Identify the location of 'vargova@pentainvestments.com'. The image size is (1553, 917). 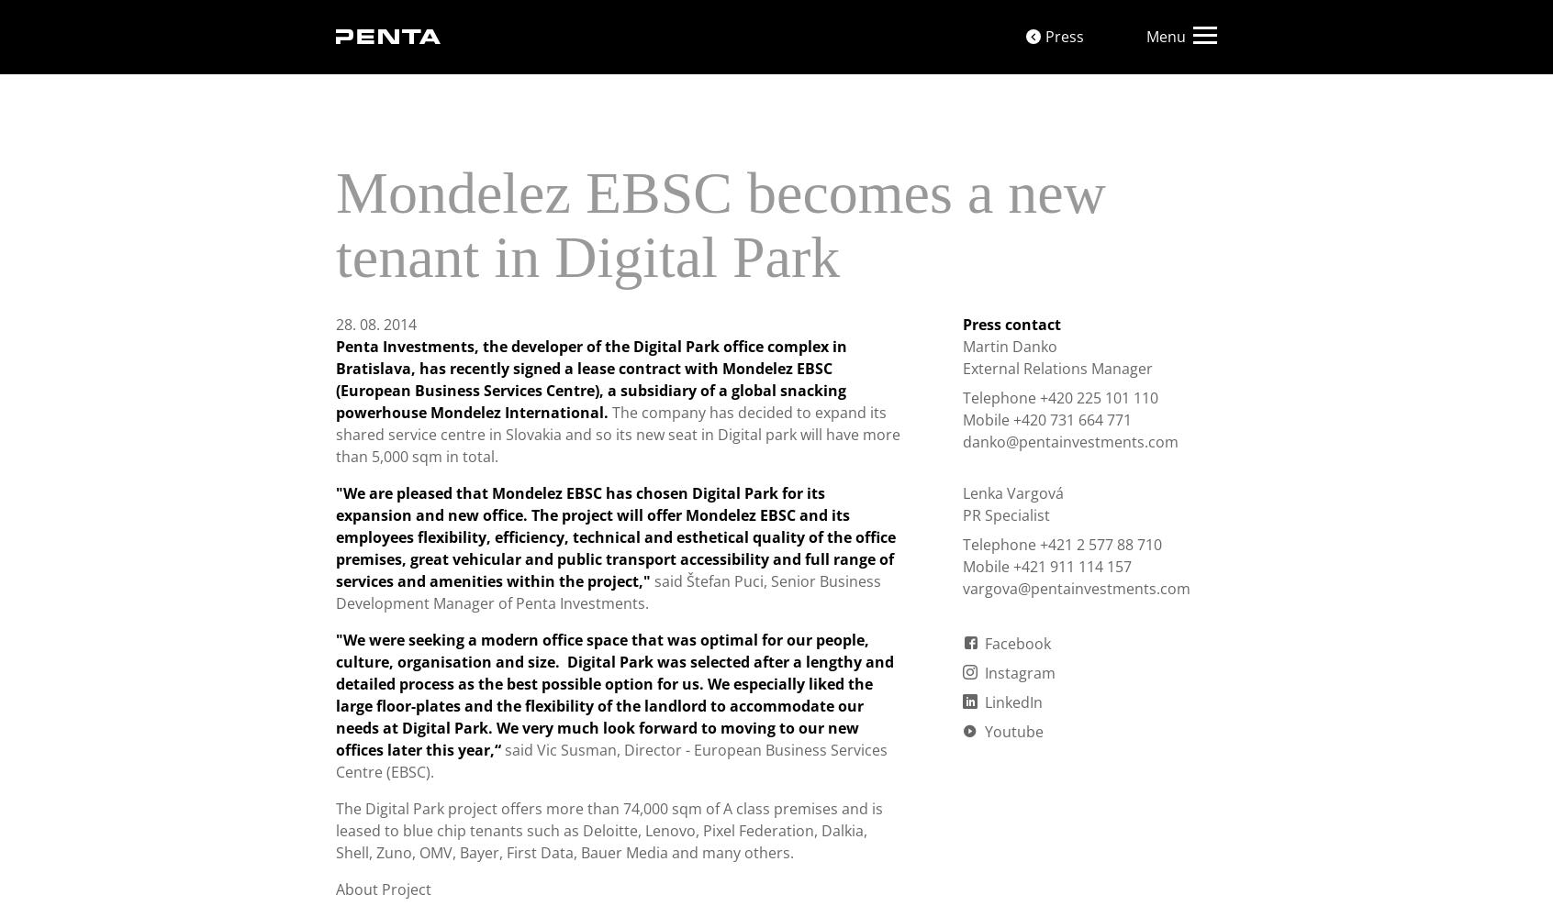
(1075, 589).